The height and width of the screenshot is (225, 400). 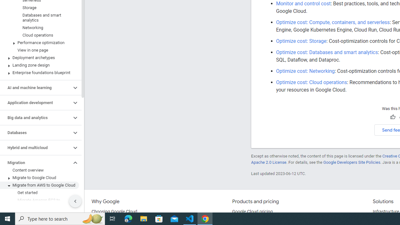 What do you see at coordinates (35, 88) in the screenshot?
I see `'AI and machine learning'` at bounding box center [35, 88].